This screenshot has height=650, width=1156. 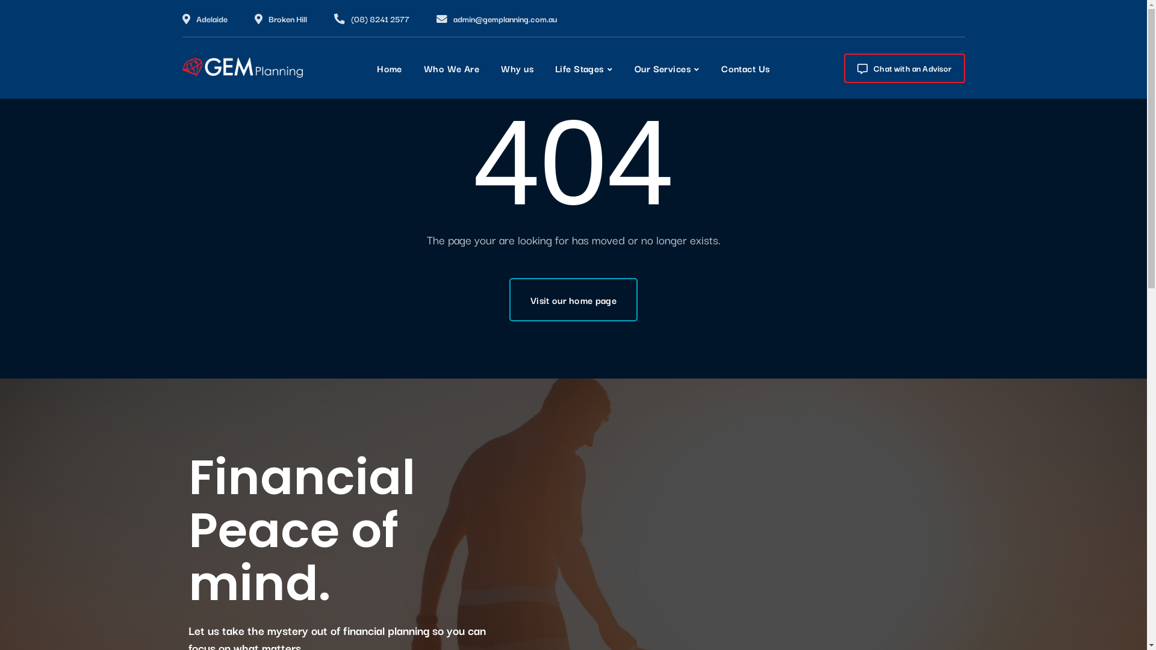 What do you see at coordinates (904, 68) in the screenshot?
I see `'Chat with an Advisor'` at bounding box center [904, 68].